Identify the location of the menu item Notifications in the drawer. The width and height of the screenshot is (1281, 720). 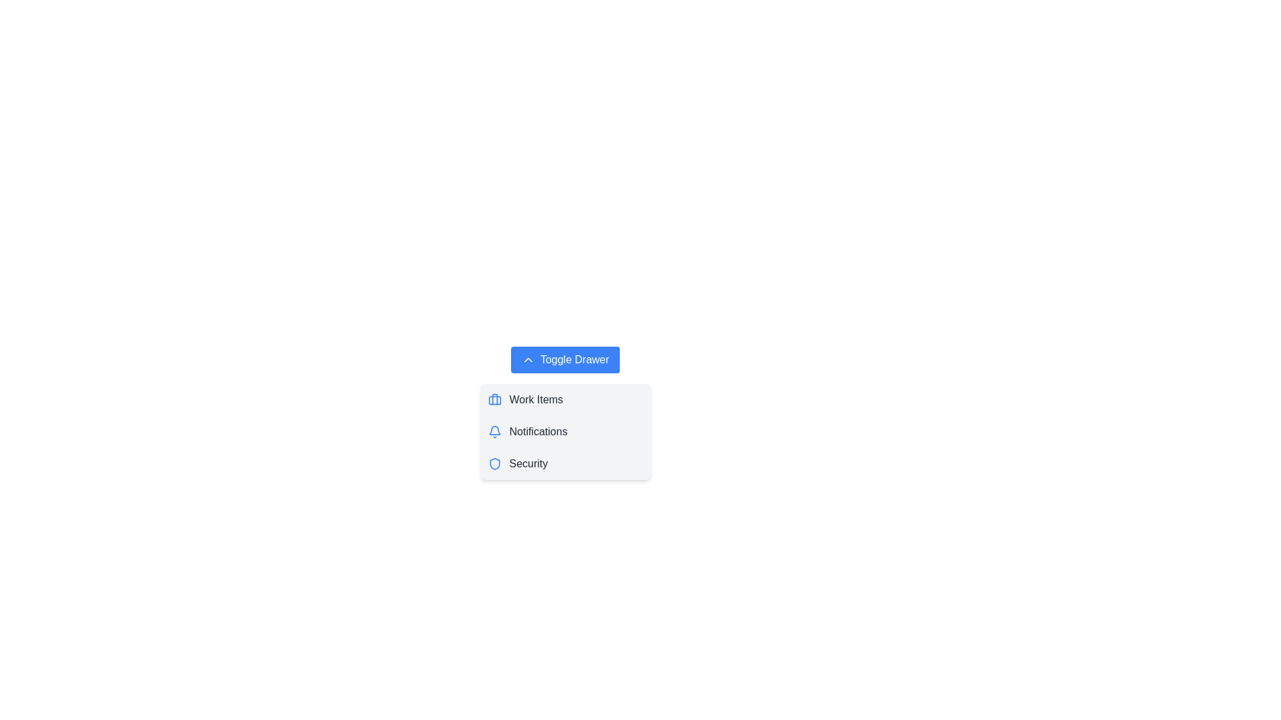
(565, 432).